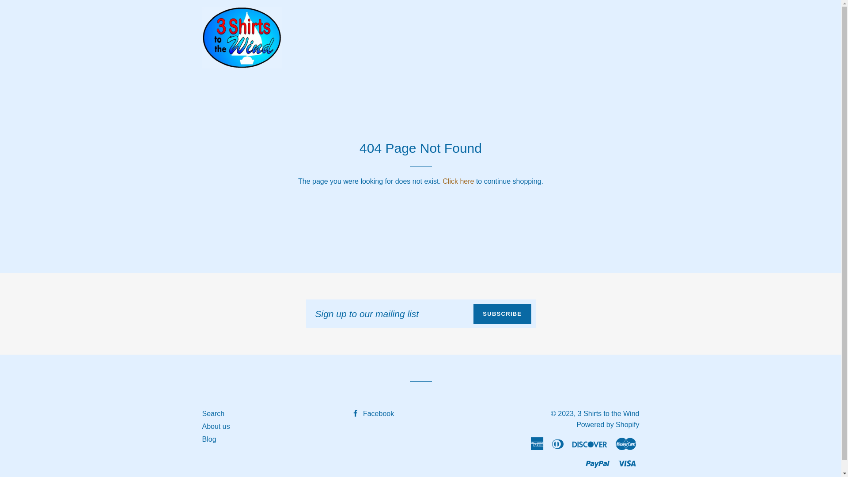 This screenshot has height=477, width=848. What do you see at coordinates (458, 181) in the screenshot?
I see `'Click here'` at bounding box center [458, 181].